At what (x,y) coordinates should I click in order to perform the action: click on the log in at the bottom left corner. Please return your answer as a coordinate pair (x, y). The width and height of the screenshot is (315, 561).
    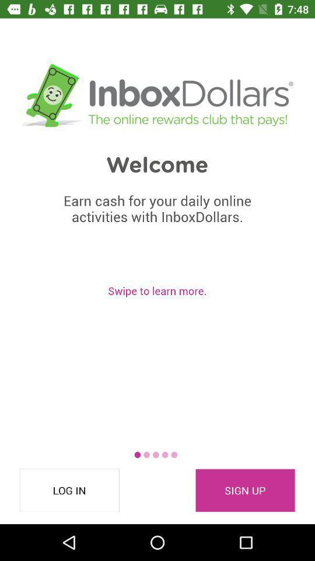
    Looking at the image, I should click on (69, 490).